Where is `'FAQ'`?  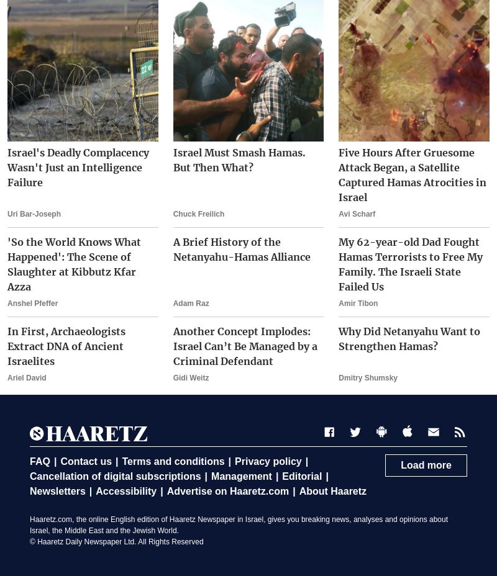 'FAQ' is located at coordinates (39, 461).